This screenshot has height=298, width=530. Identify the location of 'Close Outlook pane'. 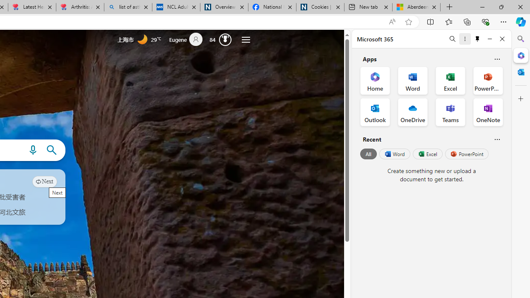
(520, 72).